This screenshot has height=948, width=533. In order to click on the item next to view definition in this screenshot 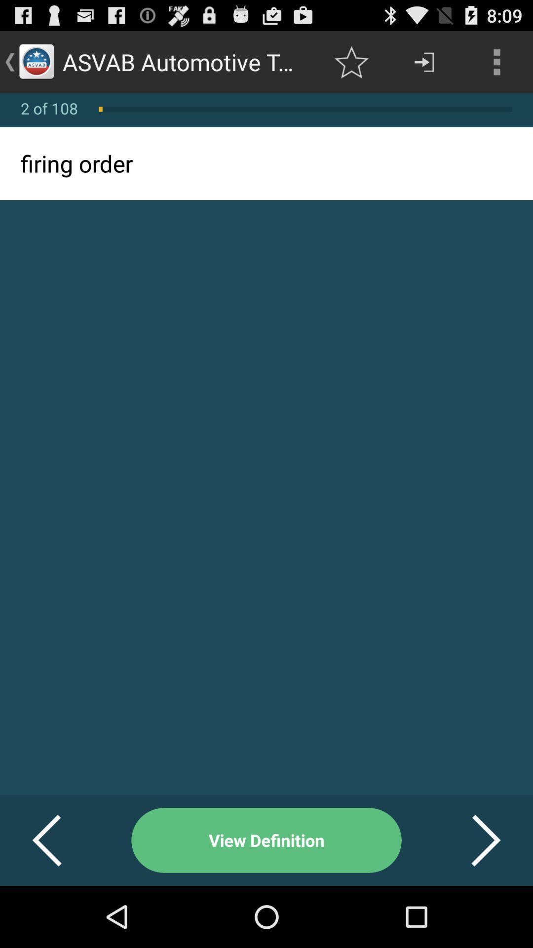, I will do `click(59, 840)`.